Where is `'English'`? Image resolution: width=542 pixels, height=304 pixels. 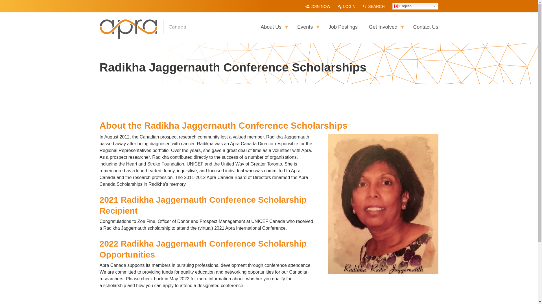 'English' is located at coordinates (415, 6).